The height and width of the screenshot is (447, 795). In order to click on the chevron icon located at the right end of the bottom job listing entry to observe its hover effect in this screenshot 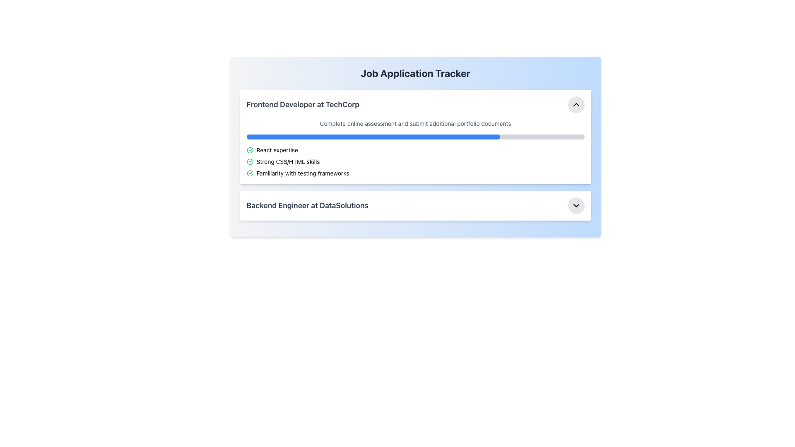, I will do `click(576, 205)`.